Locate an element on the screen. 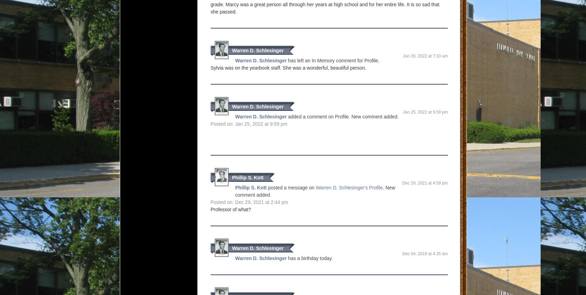 The height and width of the screenshot is (295, 586). 'Sylvia was on the yearbook staff. She was a wonderful, beautiful person.' is located at coordinates (288, 68).